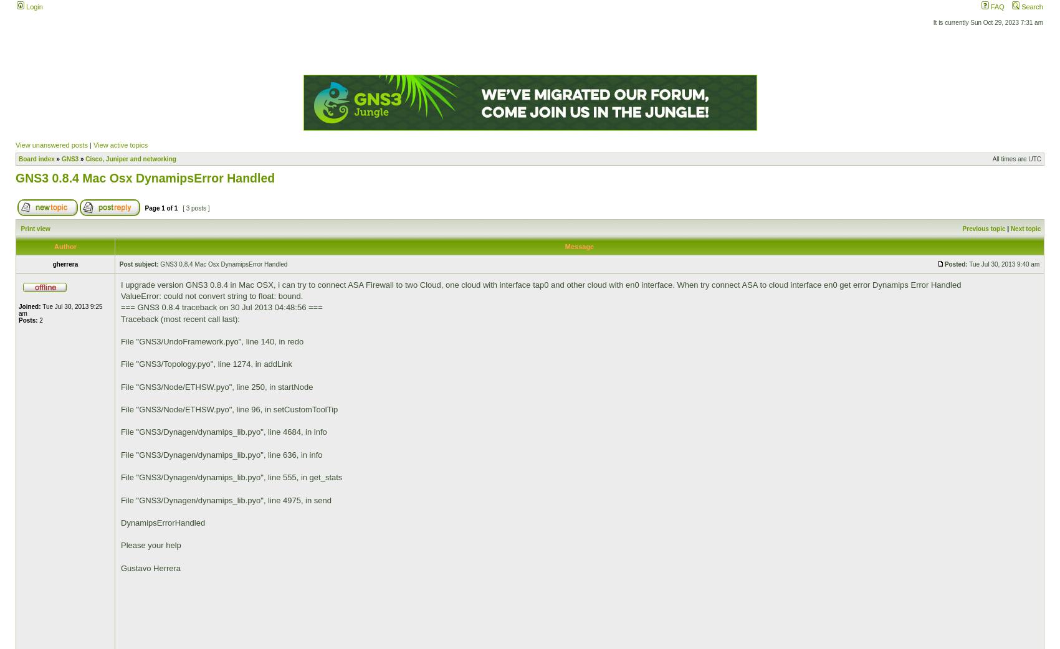 This screenshot has width=1060, height=649. What do you see at coordinates (217, 386) in the screenshot?
I see `'File "GNS3/Node/ETHSW.pyo", line 250, in startNode'` at bounding box center [217, 386].